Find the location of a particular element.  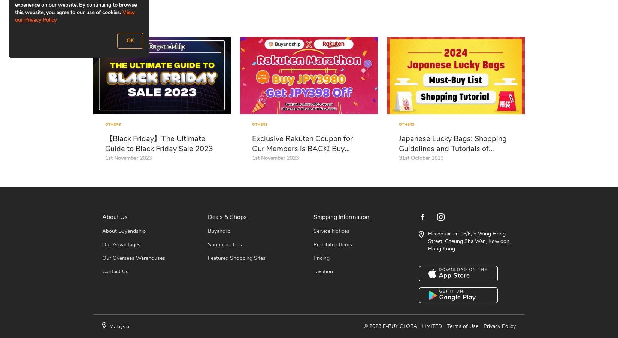

'© 2023 E-BUY GLOBAL LIMITED' is located at coordinates (403, 326).